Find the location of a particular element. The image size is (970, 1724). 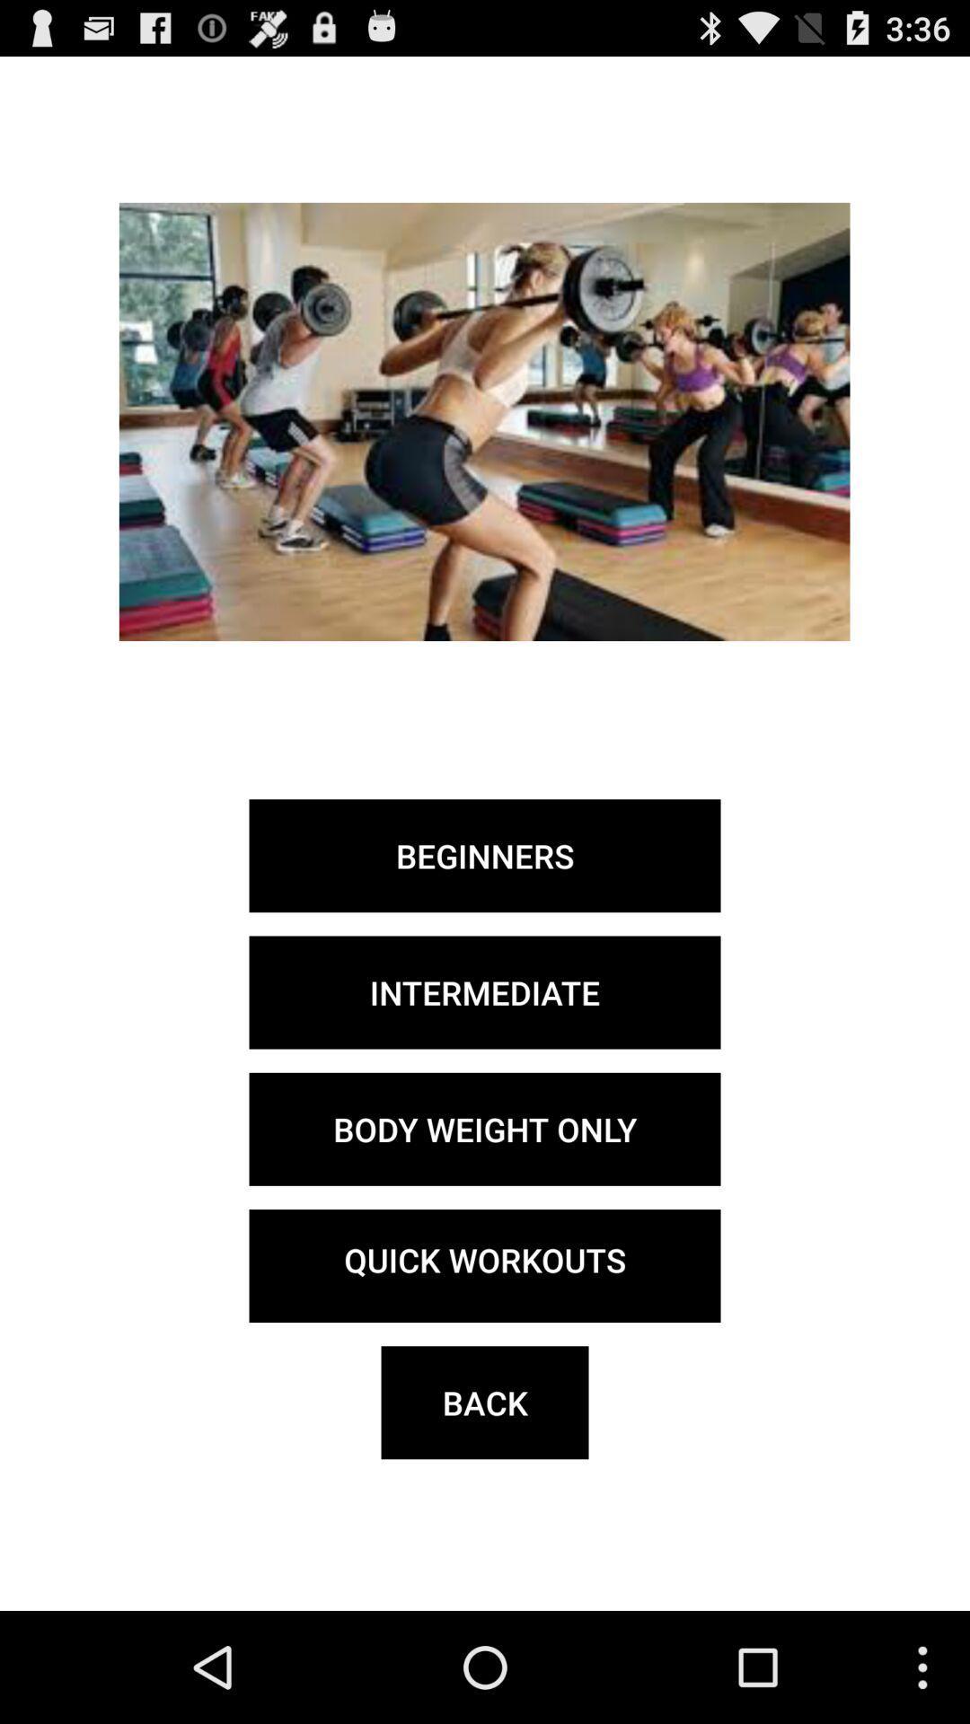

quick workouts button is located at coordinates (485, 1265).